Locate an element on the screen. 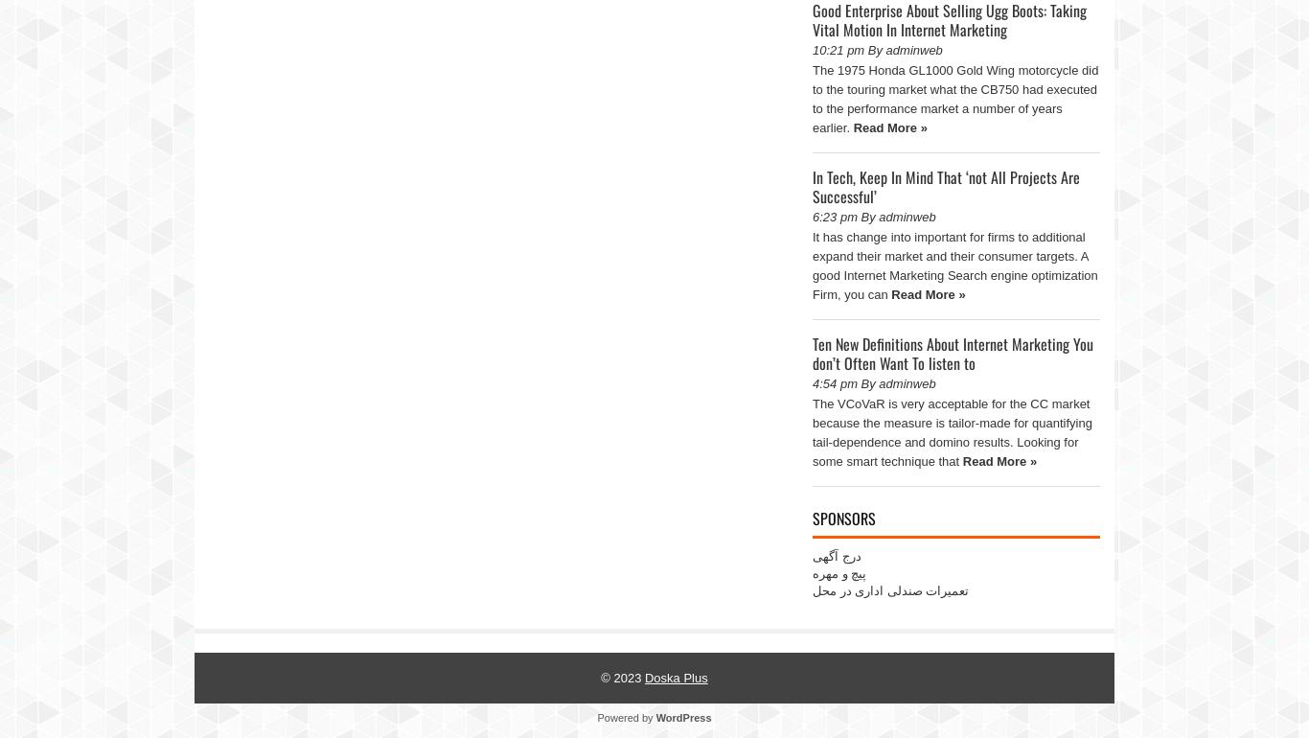 The image size is (1309, 738). 'Doska Plus' is located at coordinates (642, 677).